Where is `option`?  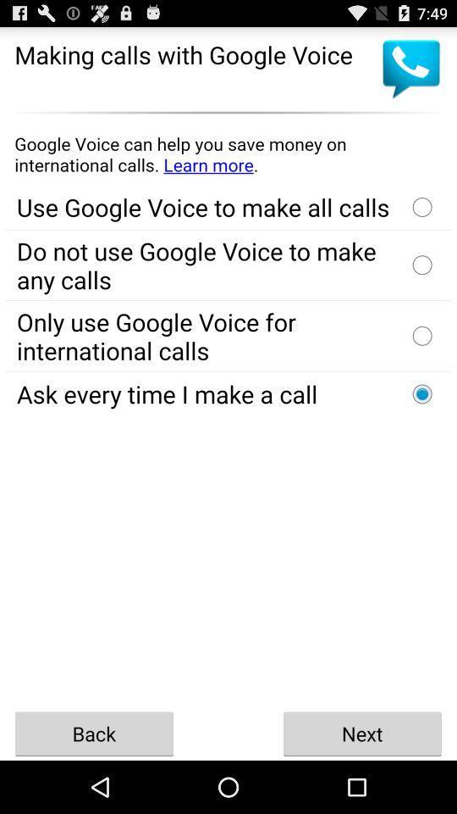
option is located at coordinates (421, 335).